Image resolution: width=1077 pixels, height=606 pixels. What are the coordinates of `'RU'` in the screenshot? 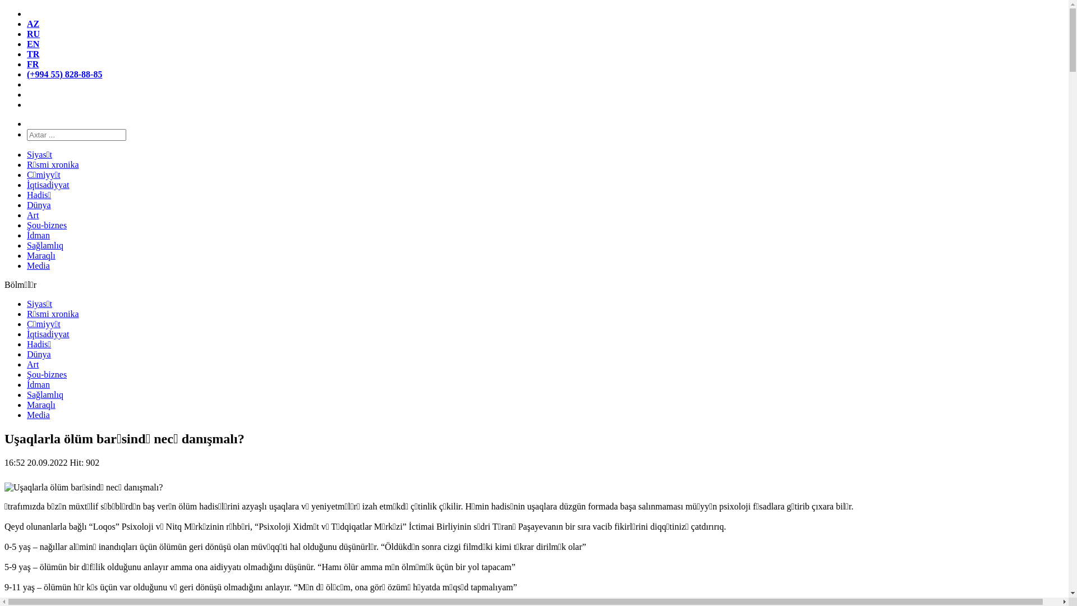 It's located at (33, 33).